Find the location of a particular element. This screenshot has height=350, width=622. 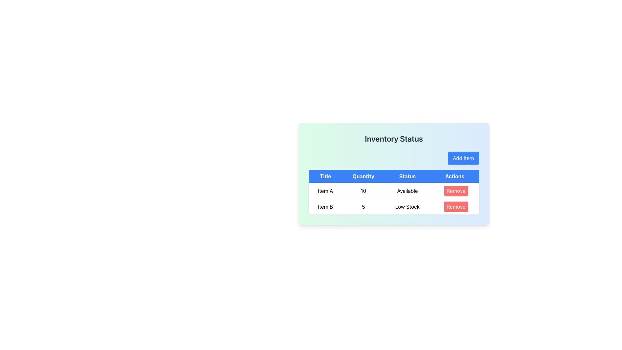

the second table row displaying details for 'Item B', which includes quantity '5', status 'Low Stock', and a 'Remove' button for additional details is located at coordinates (393, 206).